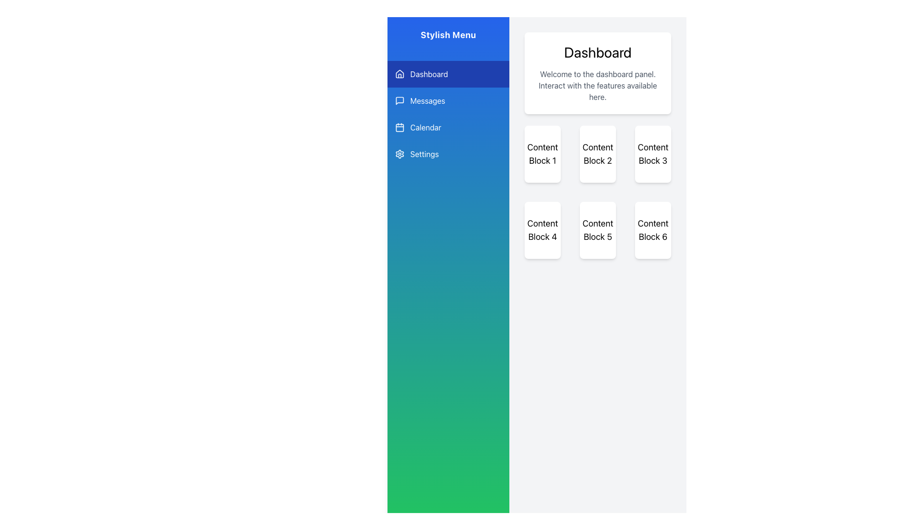 This screenshot has height=514, width=914. What do you see at coordinates (400, 101) in the screenshot?
I see `the icon located to the left of the 'Messages' label in the sidebar menu to interact with or select the Messages menu` at bounding box center [400, 101].